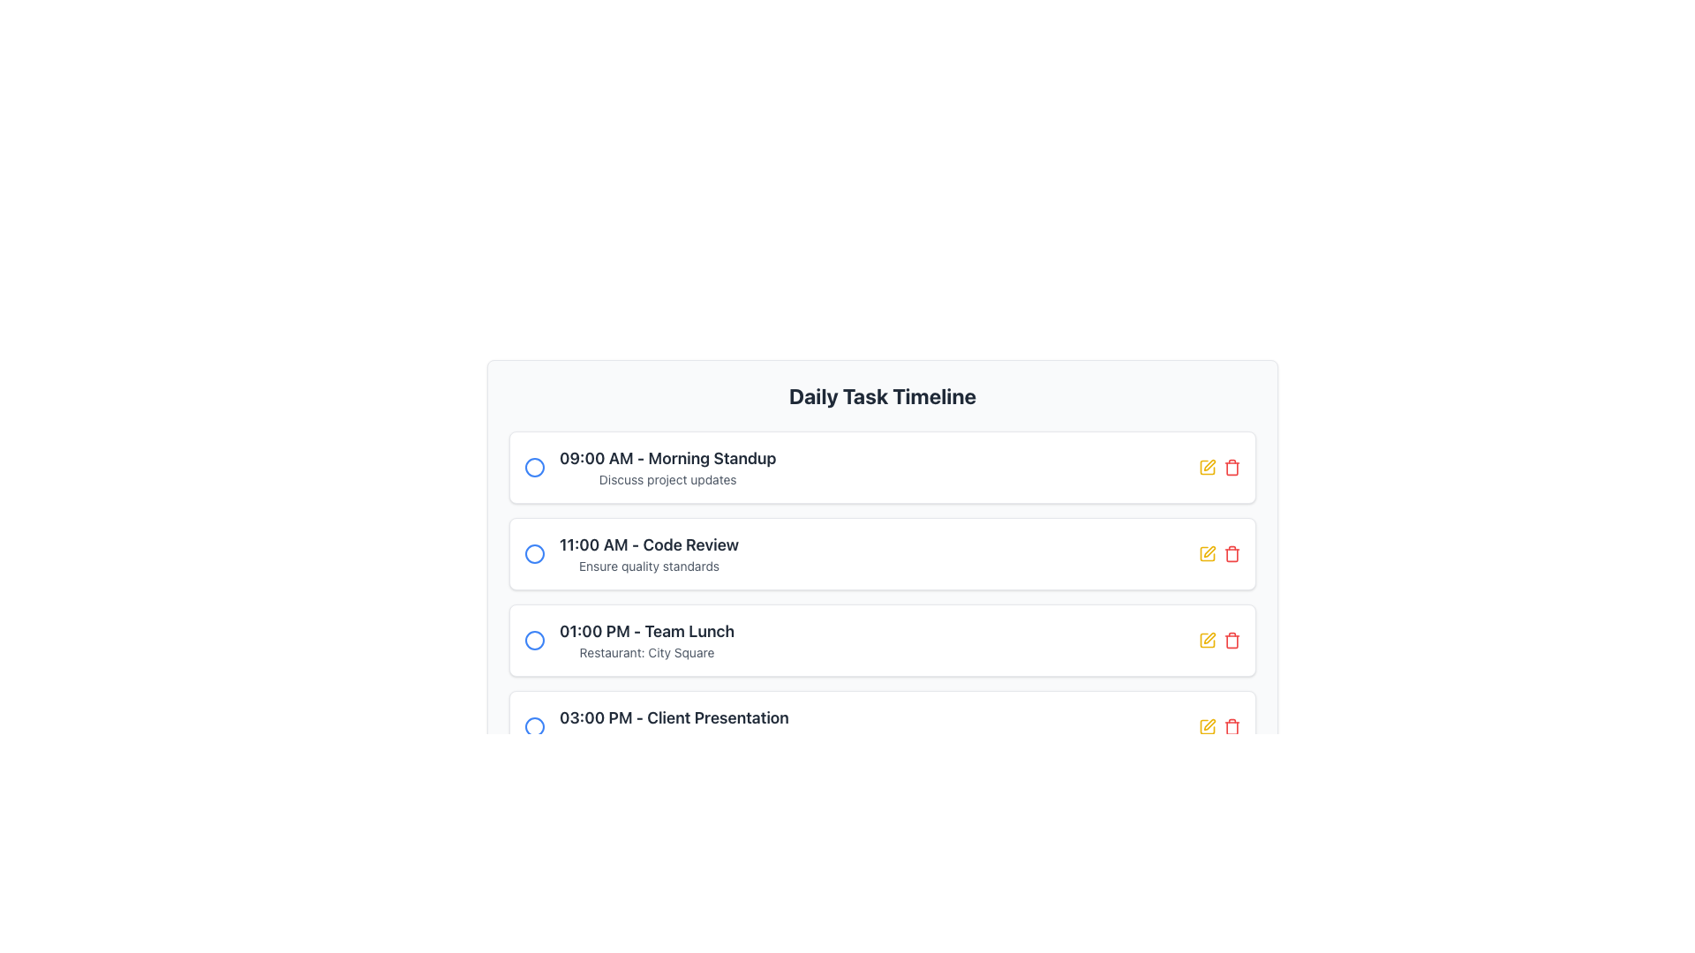  What do you see at coordinates (1207, 640) in the screenshot?
I see `the edit button located in the third row of the task entries within the 'Daily Task Timeline' section, which is the first icon in the row's icon group, to initiate the editing functionality` at bounding box center [1207, 640].